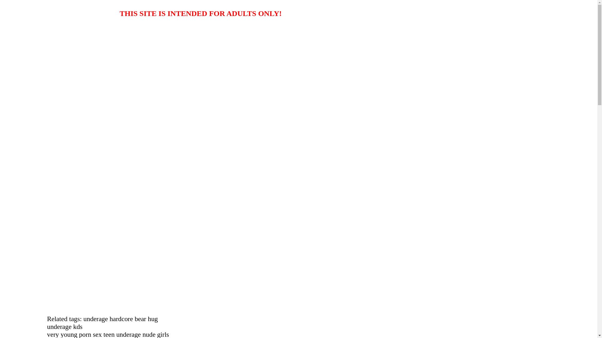  What do you see at coordinates (44, 29) in the screenshot?
I see `'Hot naked under age girls'` at bounding box center [44, 29].